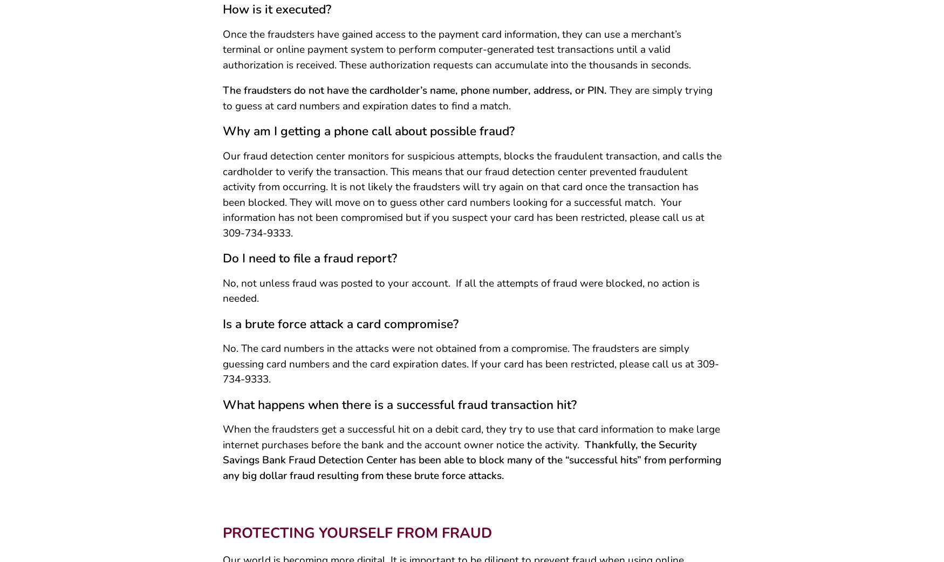 This screenshot has height=562, width=944. Describe the element at coordinates (221, 408) in the screenshot. I see `'What happens when there is a successful fraud transaction hit?'` at that location.